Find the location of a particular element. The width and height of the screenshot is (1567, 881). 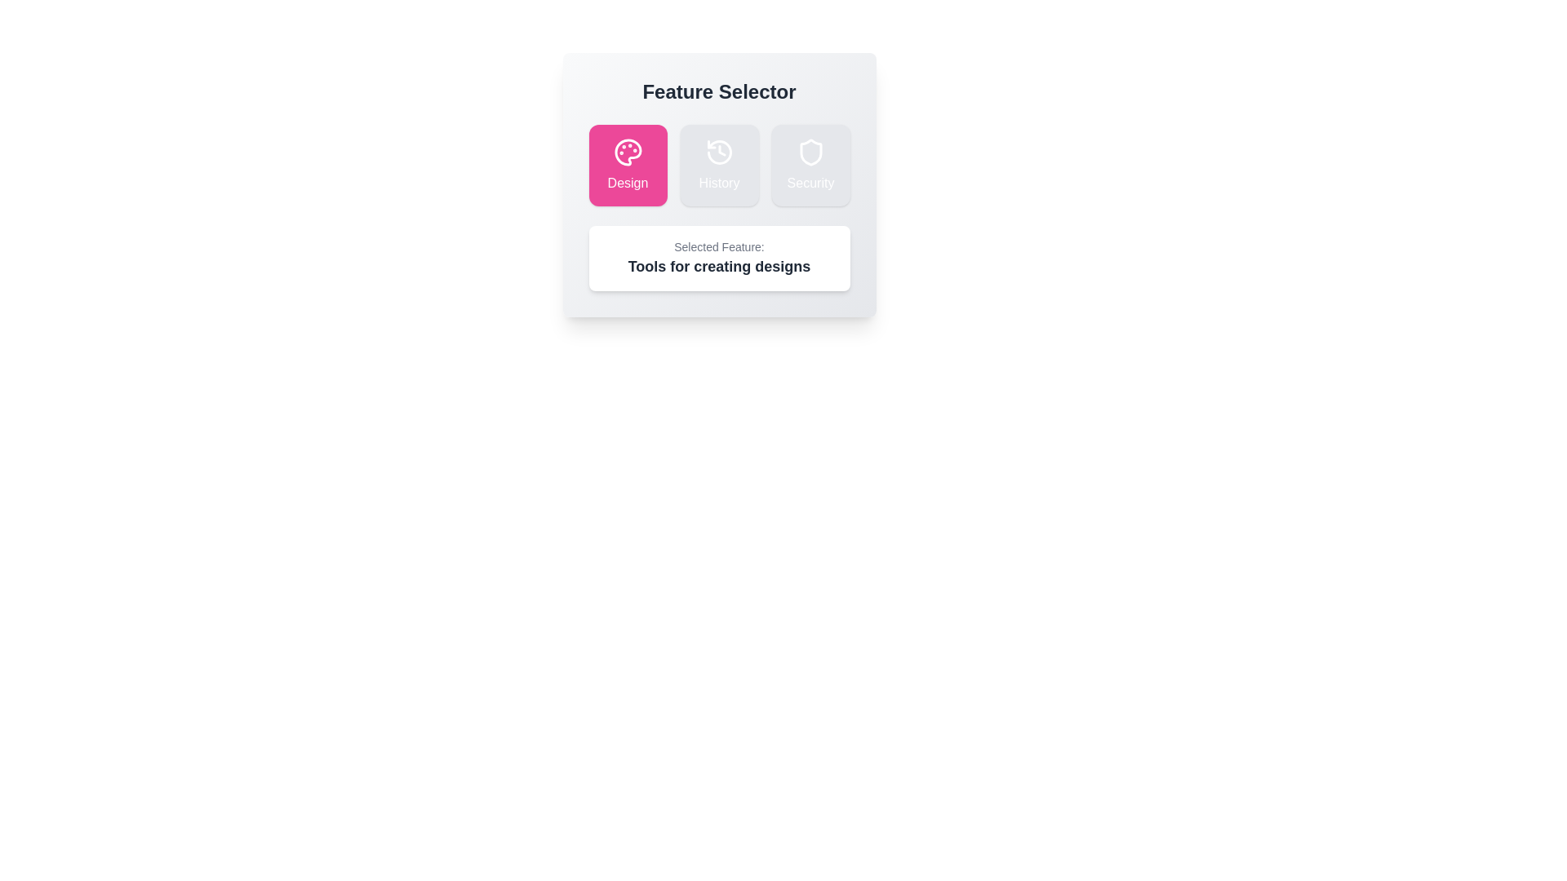

the History button is located at coordinates (718, 166).